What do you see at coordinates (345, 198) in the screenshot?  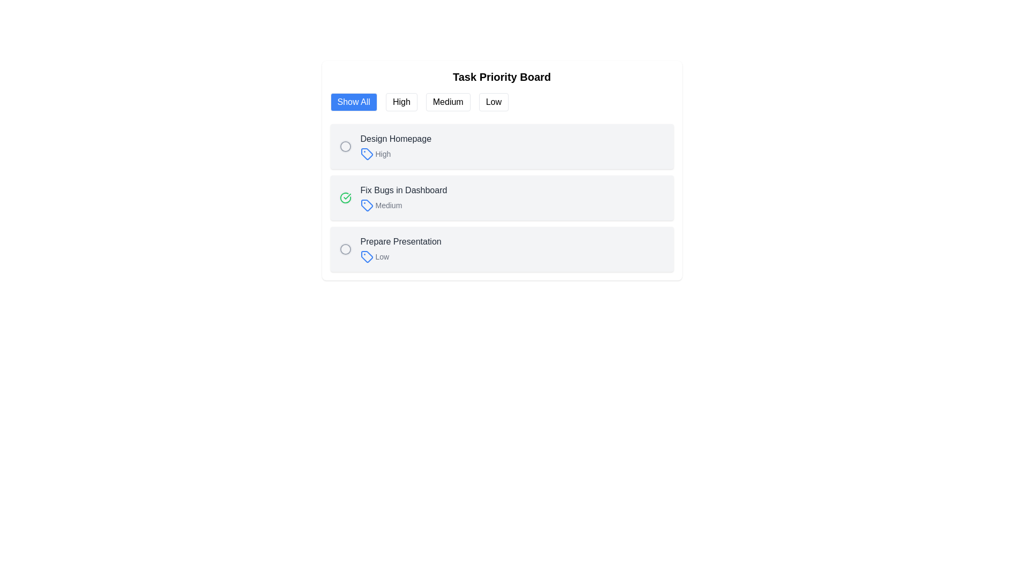 I see `the checkbox with a checkmark icon located in the second task row labeled 'Fix Bugs in Dashboard' to navigate` at bounding box center [345, 198].